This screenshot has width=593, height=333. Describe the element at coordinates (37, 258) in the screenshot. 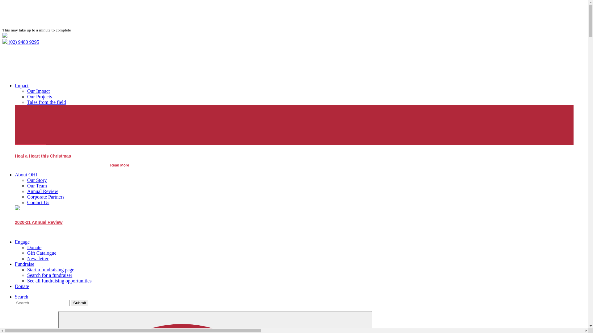

I see `'Newsletter'` at that location.